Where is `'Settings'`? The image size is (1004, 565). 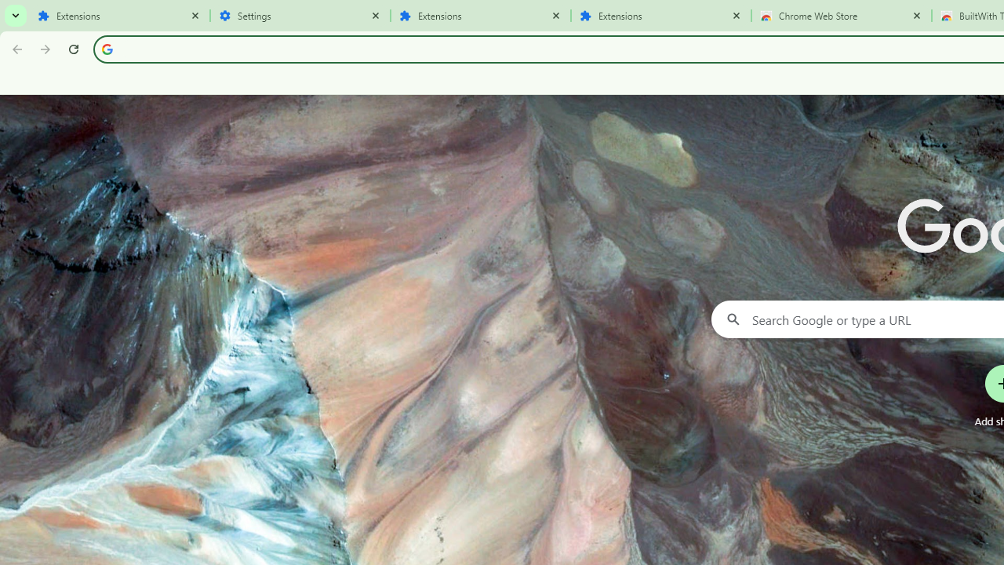 'Settings' is located at coordinates (300, 16).